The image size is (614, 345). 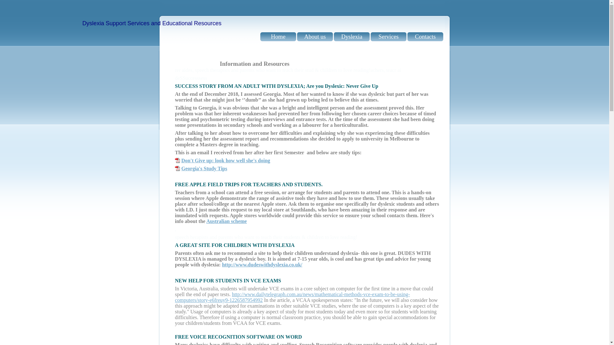 I want to click on 'Home', so click(x=278, y=37).